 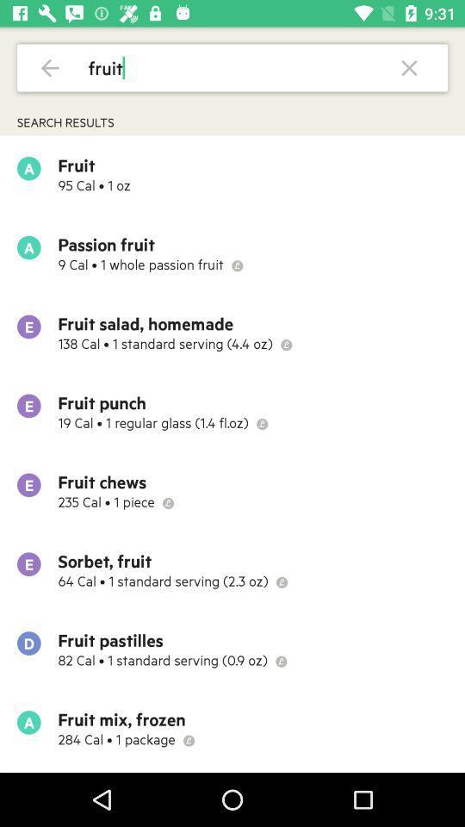 I want to click on the item at the top right corner, so click(x=408, y=67).